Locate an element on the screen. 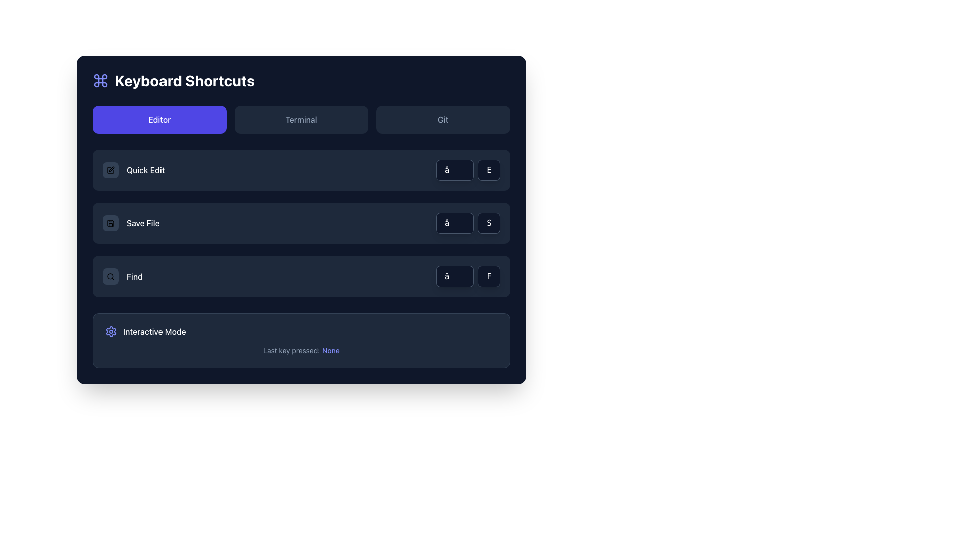 This screenshot has height=541, width=963. the circular gear icon styled in indigo blue located at the leftmost edge of the 'Interactive Mode' section, preceding the label text is located at coordinates (111, 332).